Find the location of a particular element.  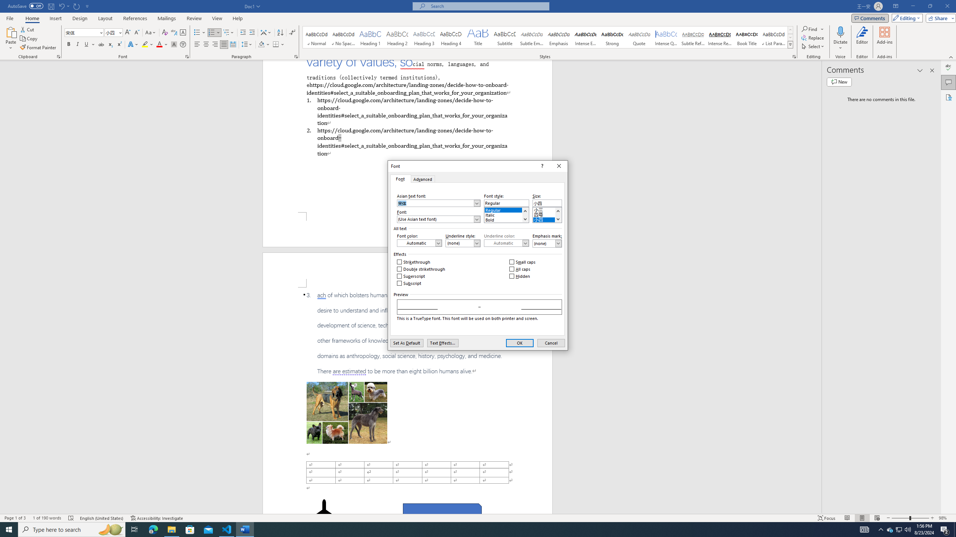

'Cut' is located at coordinates (27, 29).